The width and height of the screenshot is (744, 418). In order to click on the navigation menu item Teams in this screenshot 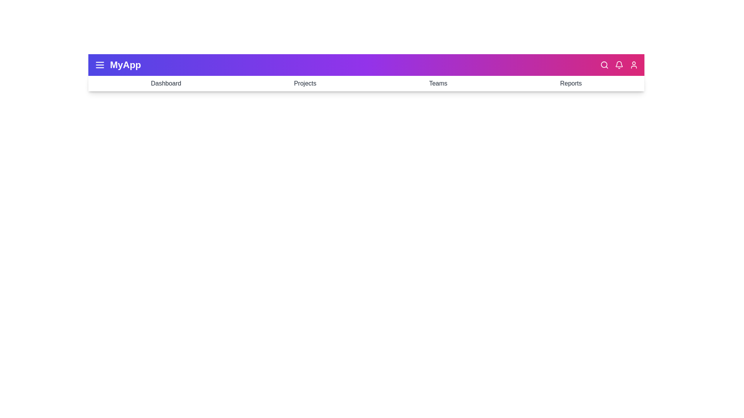, I will do `click(438, 84)`.